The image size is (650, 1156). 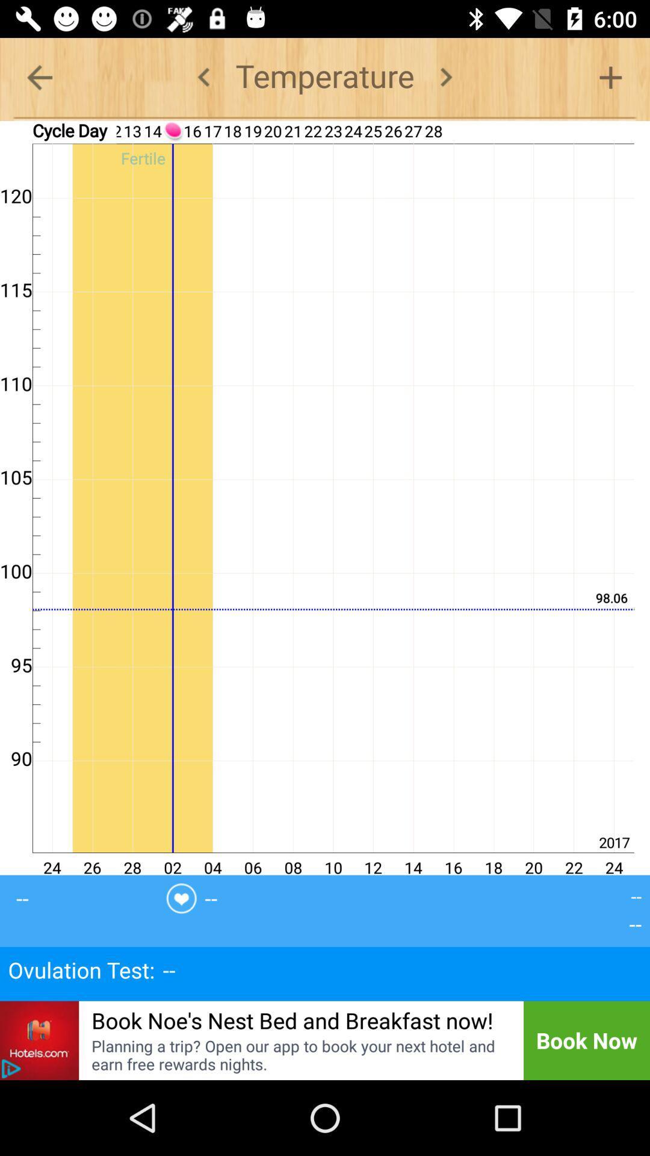 I want to click on previous title, so click(x=203, y=76).